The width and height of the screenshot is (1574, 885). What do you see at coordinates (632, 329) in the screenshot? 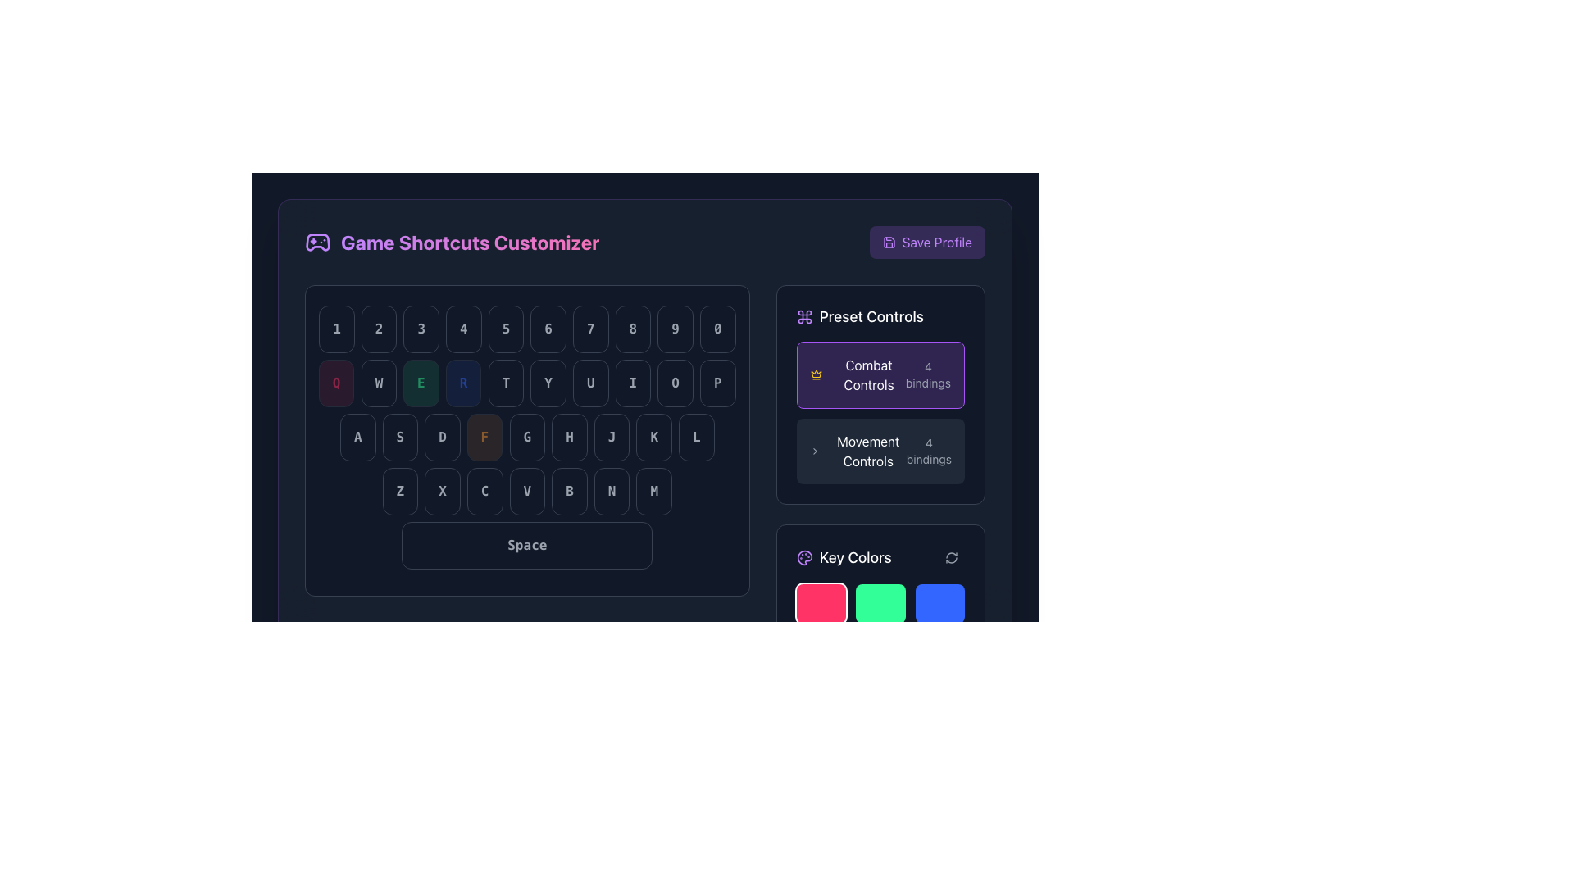
I see `the button representing the number '8' in the numeric keypad, which is the eighth button in a sequence of buttons from '1' to '0'` at bounding box center [632, 329].